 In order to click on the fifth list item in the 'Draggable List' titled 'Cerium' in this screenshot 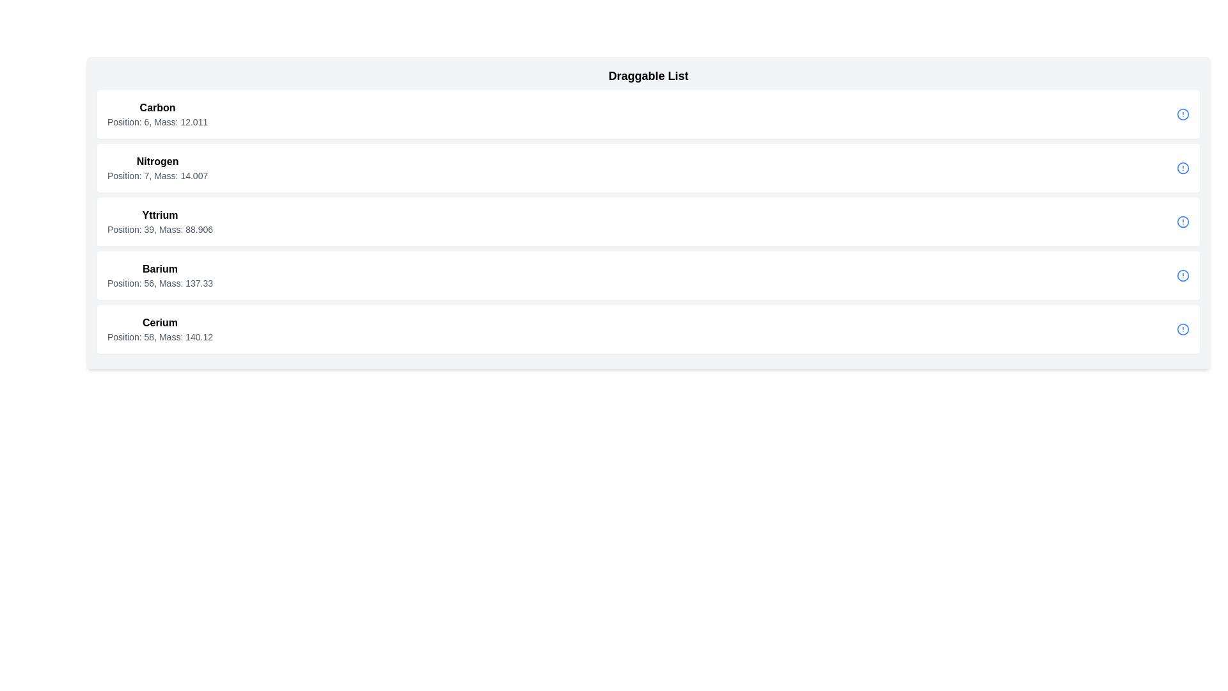, I will do `click(648, 329)`.